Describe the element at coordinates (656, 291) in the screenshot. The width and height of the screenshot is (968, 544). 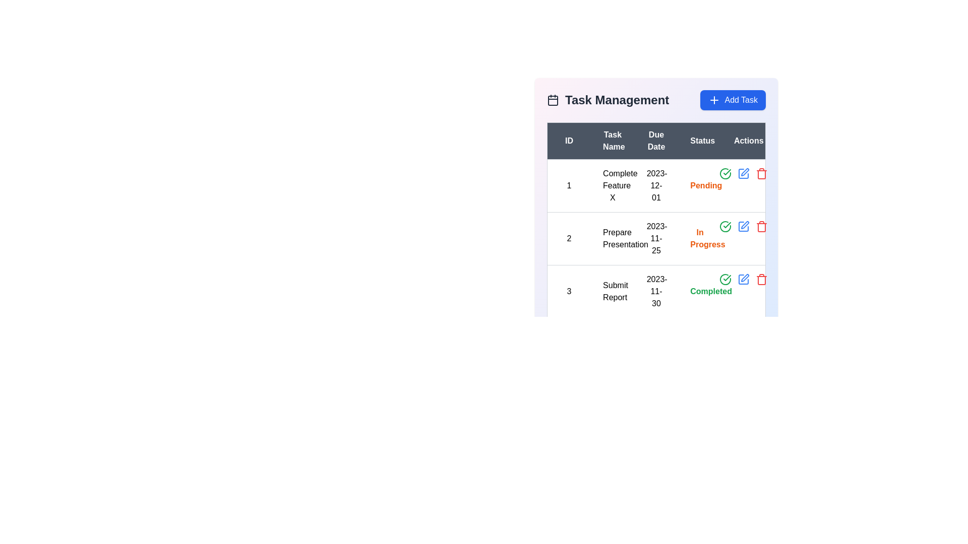
I see `the static text displaying the due date '2023-11-30' located in the third entry under the 'Due Date' column of the task table` at that location.